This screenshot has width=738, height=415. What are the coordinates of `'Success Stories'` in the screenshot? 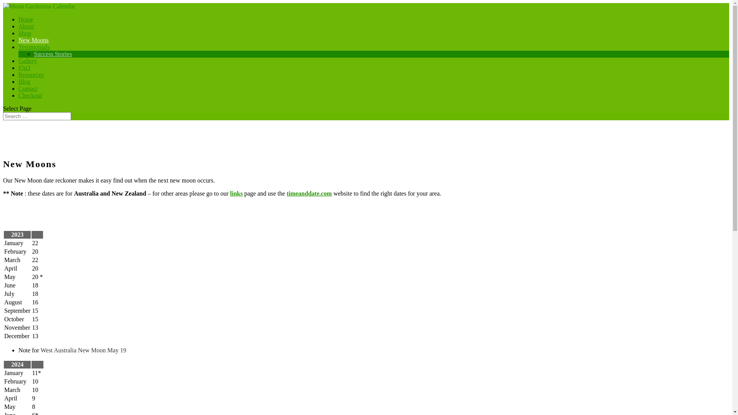 It's located at (52, 53).